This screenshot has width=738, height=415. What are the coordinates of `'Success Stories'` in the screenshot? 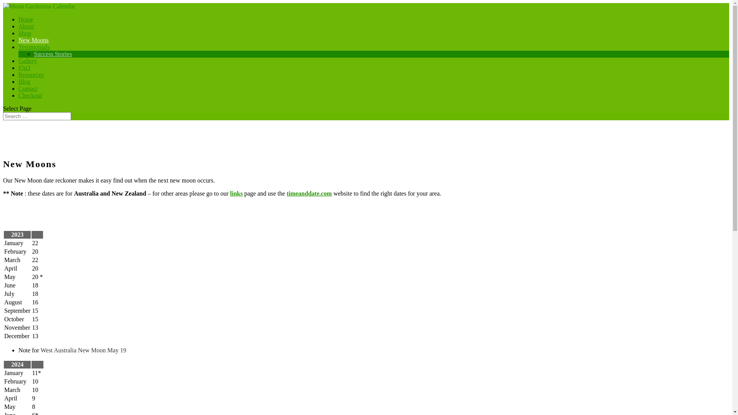 It's located at (52, 53).